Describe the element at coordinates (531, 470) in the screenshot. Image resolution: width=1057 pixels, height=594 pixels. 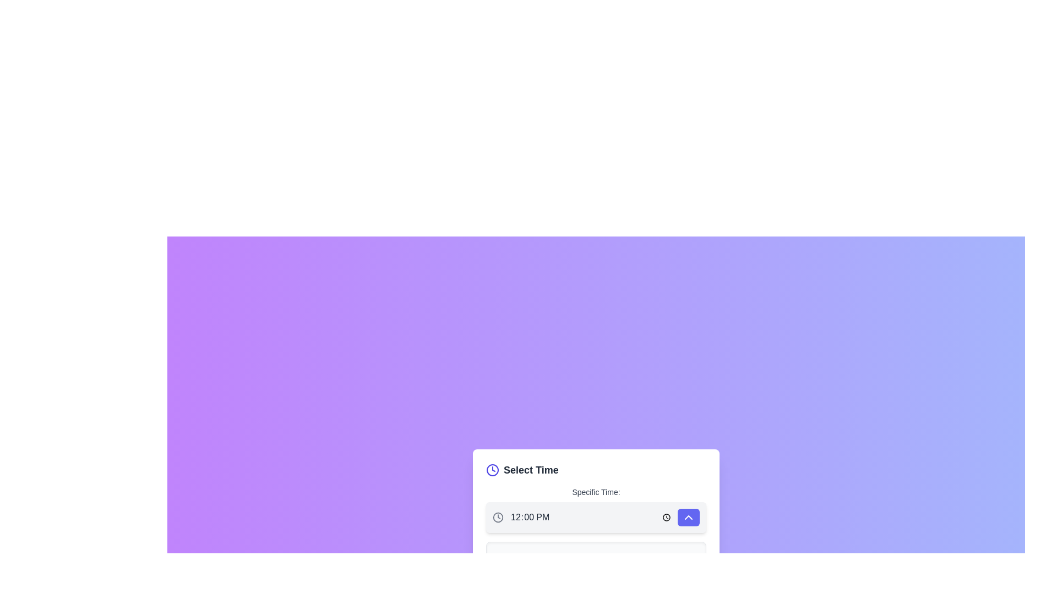
I see `the 'Select Time' label, which is a bold, medium-dark gray text positioned to the right of a clock icon, indicating time selection` at that location.